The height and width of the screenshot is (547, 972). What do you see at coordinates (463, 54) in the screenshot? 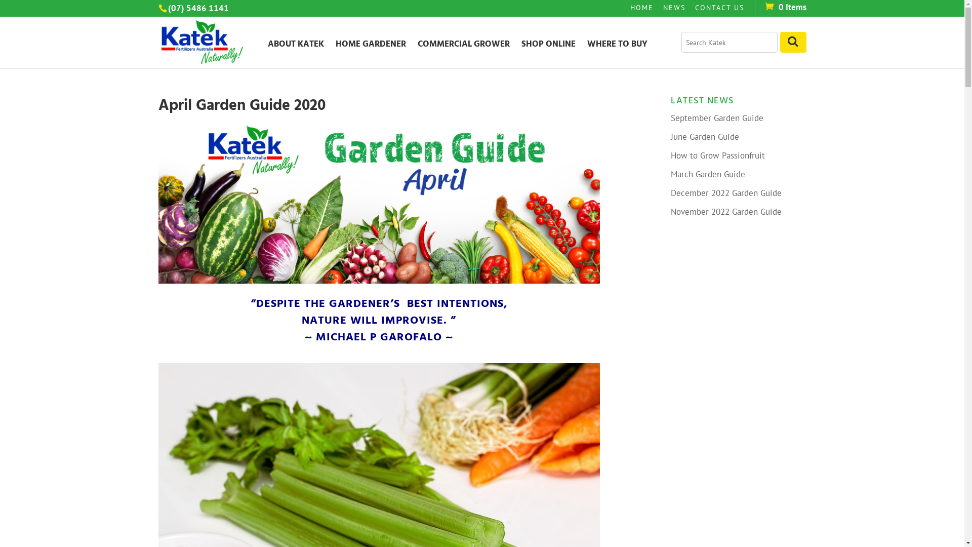
I see `'COMMERCIAL GROWER'` at bounding box center [463, 54].